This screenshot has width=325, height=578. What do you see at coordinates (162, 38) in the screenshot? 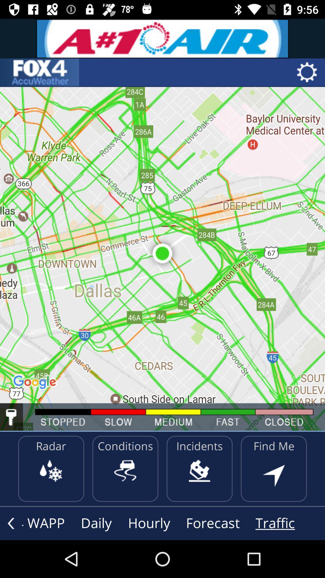
I see `click on advertisement` at bounding box center [162, 38].